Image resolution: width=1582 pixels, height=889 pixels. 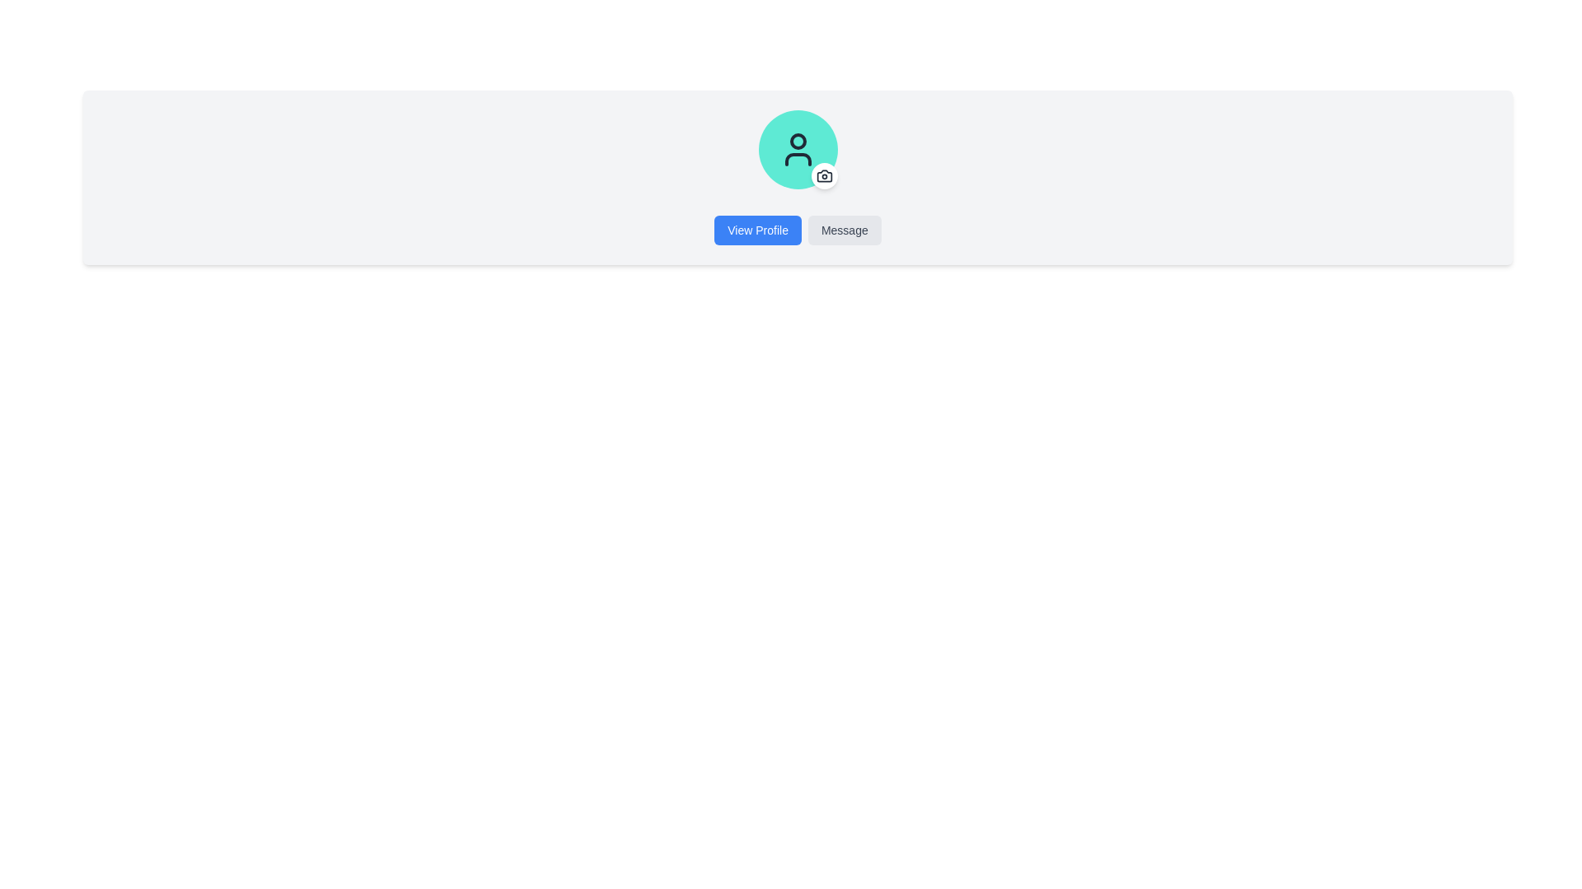 I want to click on the blue rectangular button with rounded corners and white text stating 'View Profile', so click(x=757, y=230).